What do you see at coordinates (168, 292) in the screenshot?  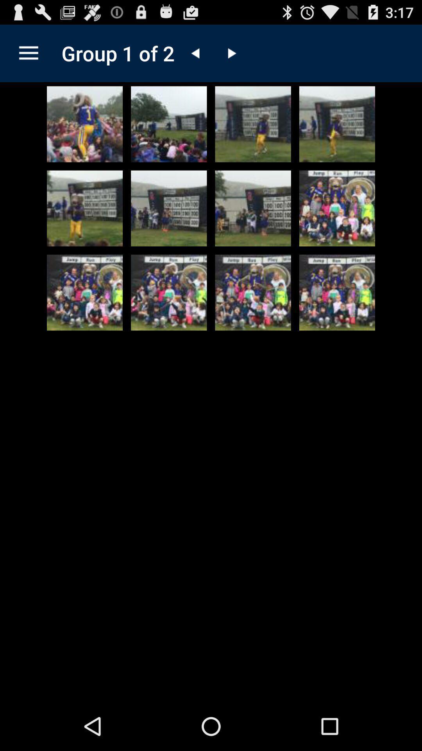 I see `look at the image` at bounding box center [168, 292].